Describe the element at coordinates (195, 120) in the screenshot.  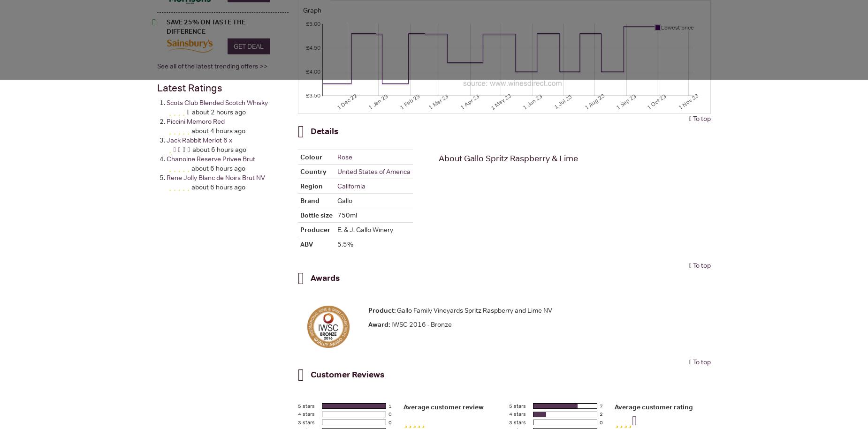
I see `'Piccini Memoro Red'` at that location.